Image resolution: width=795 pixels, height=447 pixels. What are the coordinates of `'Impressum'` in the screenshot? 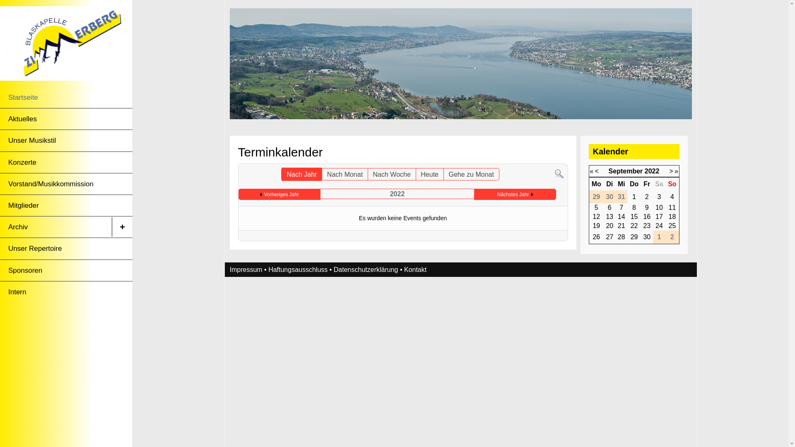 It's located at (245, 269).